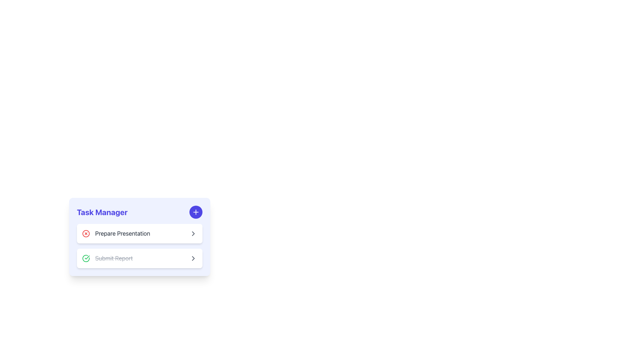 This screenshot has height=352, width=626. Describe the element at coordinates (102, 212) in the screenshot. I see `the 'Task Manager' heading displayed in bold indigo text, located at the top of the card component` at that location.